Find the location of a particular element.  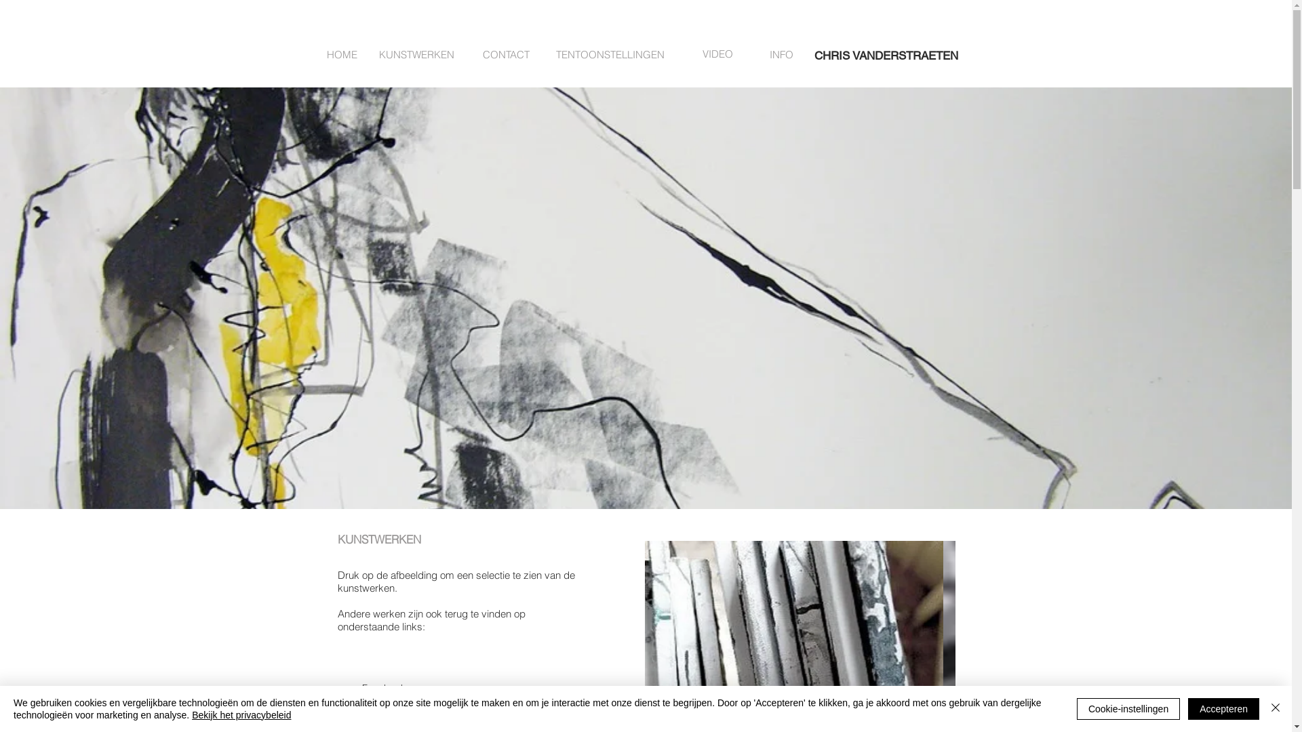

'Accepteren' is located at coordinates (1223, 708).